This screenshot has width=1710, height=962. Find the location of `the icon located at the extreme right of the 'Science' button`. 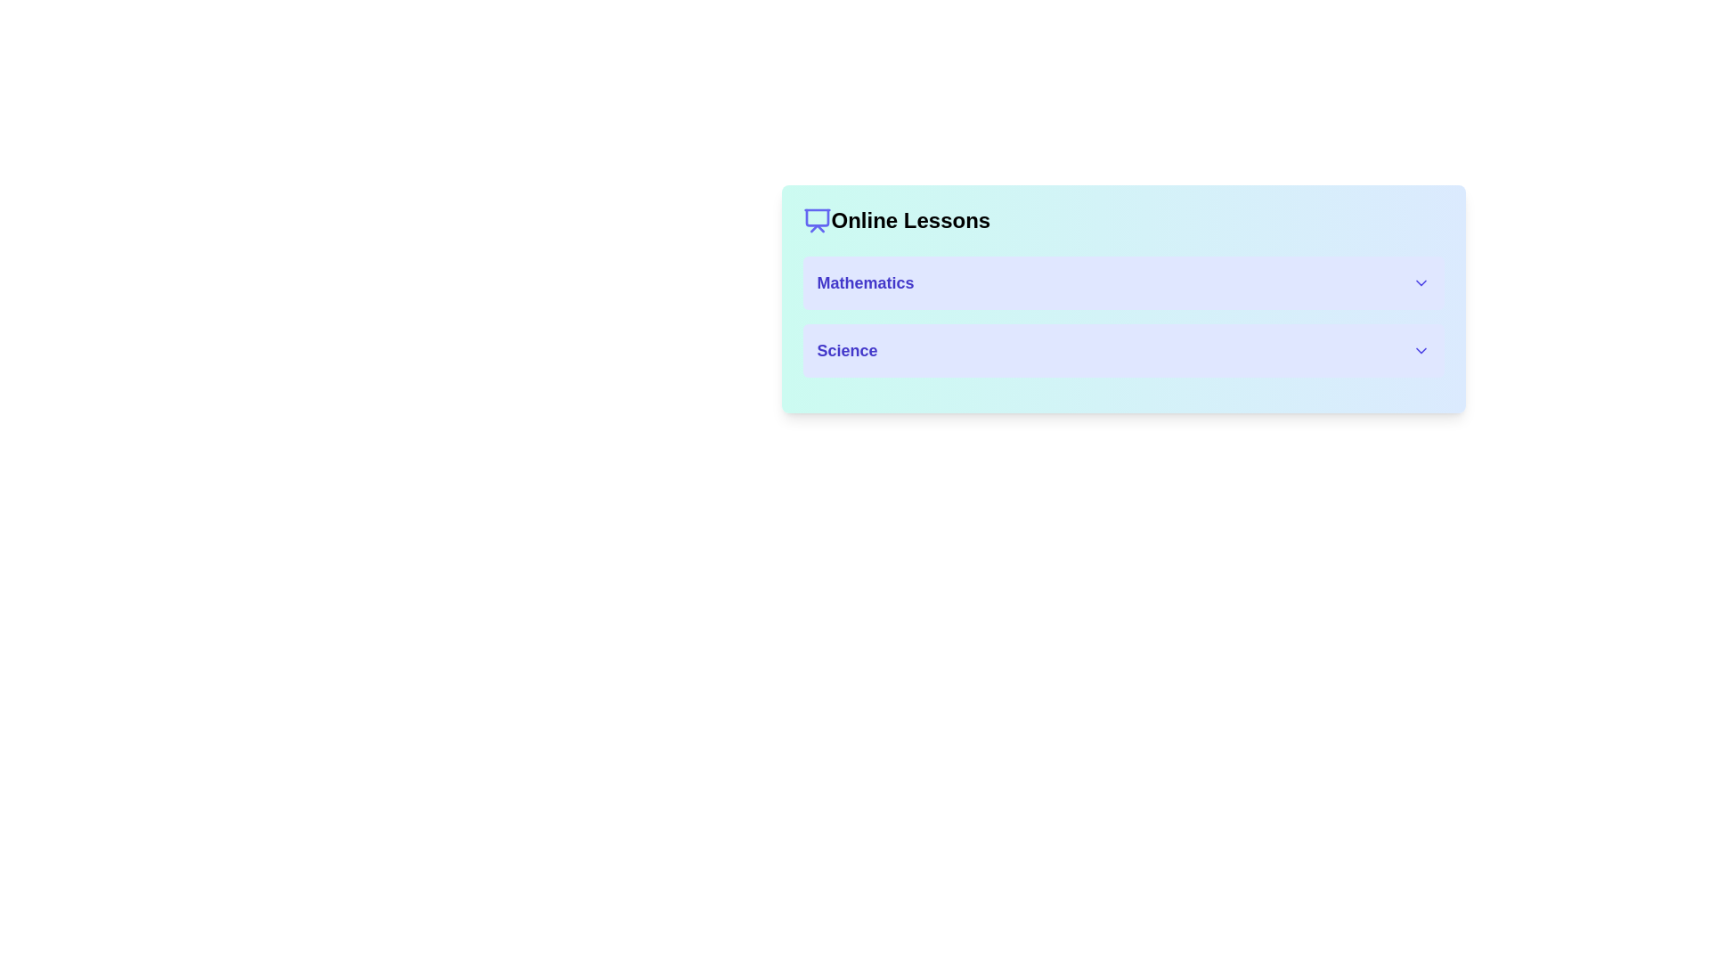

the icon located at the extreme right of the 'Science' button is located at coordinates (1420, 350).